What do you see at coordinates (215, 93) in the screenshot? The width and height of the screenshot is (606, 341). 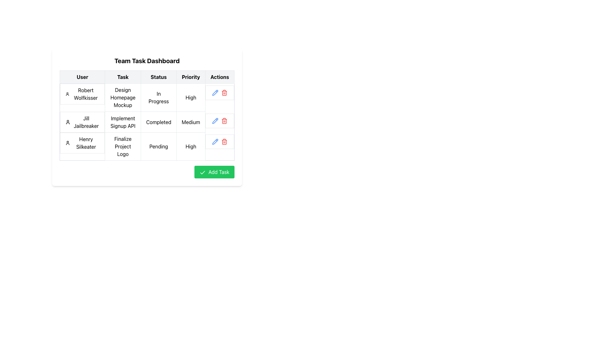 I see `the blue pencil icon button located in the 'Actions' column of the first row in the data table` at bounding box center [215, 93].